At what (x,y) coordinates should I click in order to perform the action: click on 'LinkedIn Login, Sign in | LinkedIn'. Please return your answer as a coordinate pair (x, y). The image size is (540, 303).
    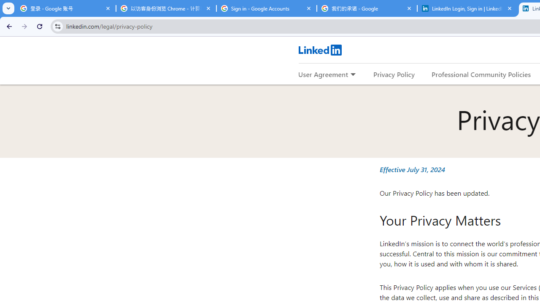
    Looking at the image, I should click on (467, 8).